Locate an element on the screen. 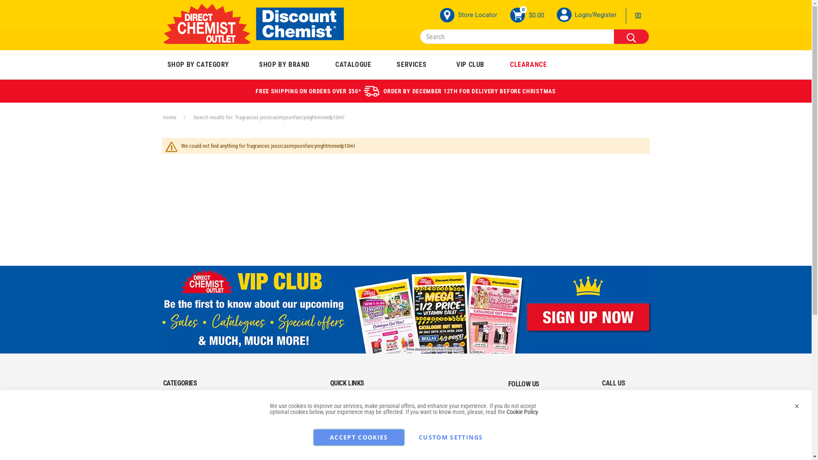  'Store Locator' is located at coordinates (468, 15).